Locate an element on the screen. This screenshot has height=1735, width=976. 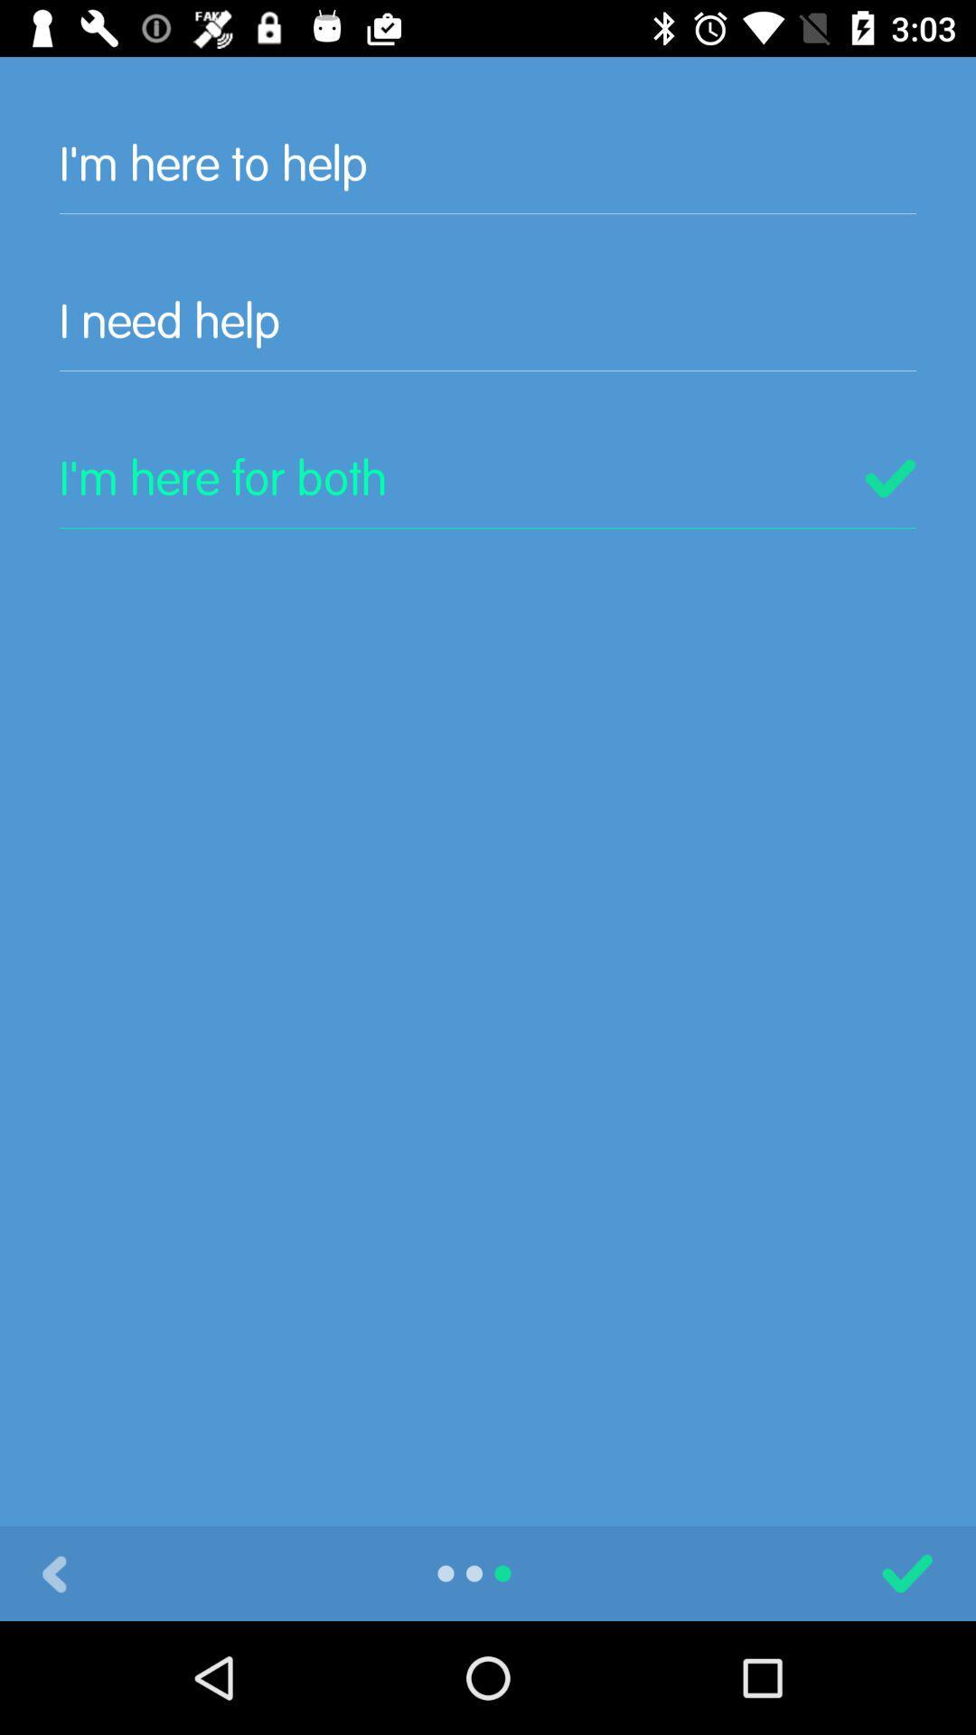
the item at the bottom left corner is located at coordinates (53, 1572).